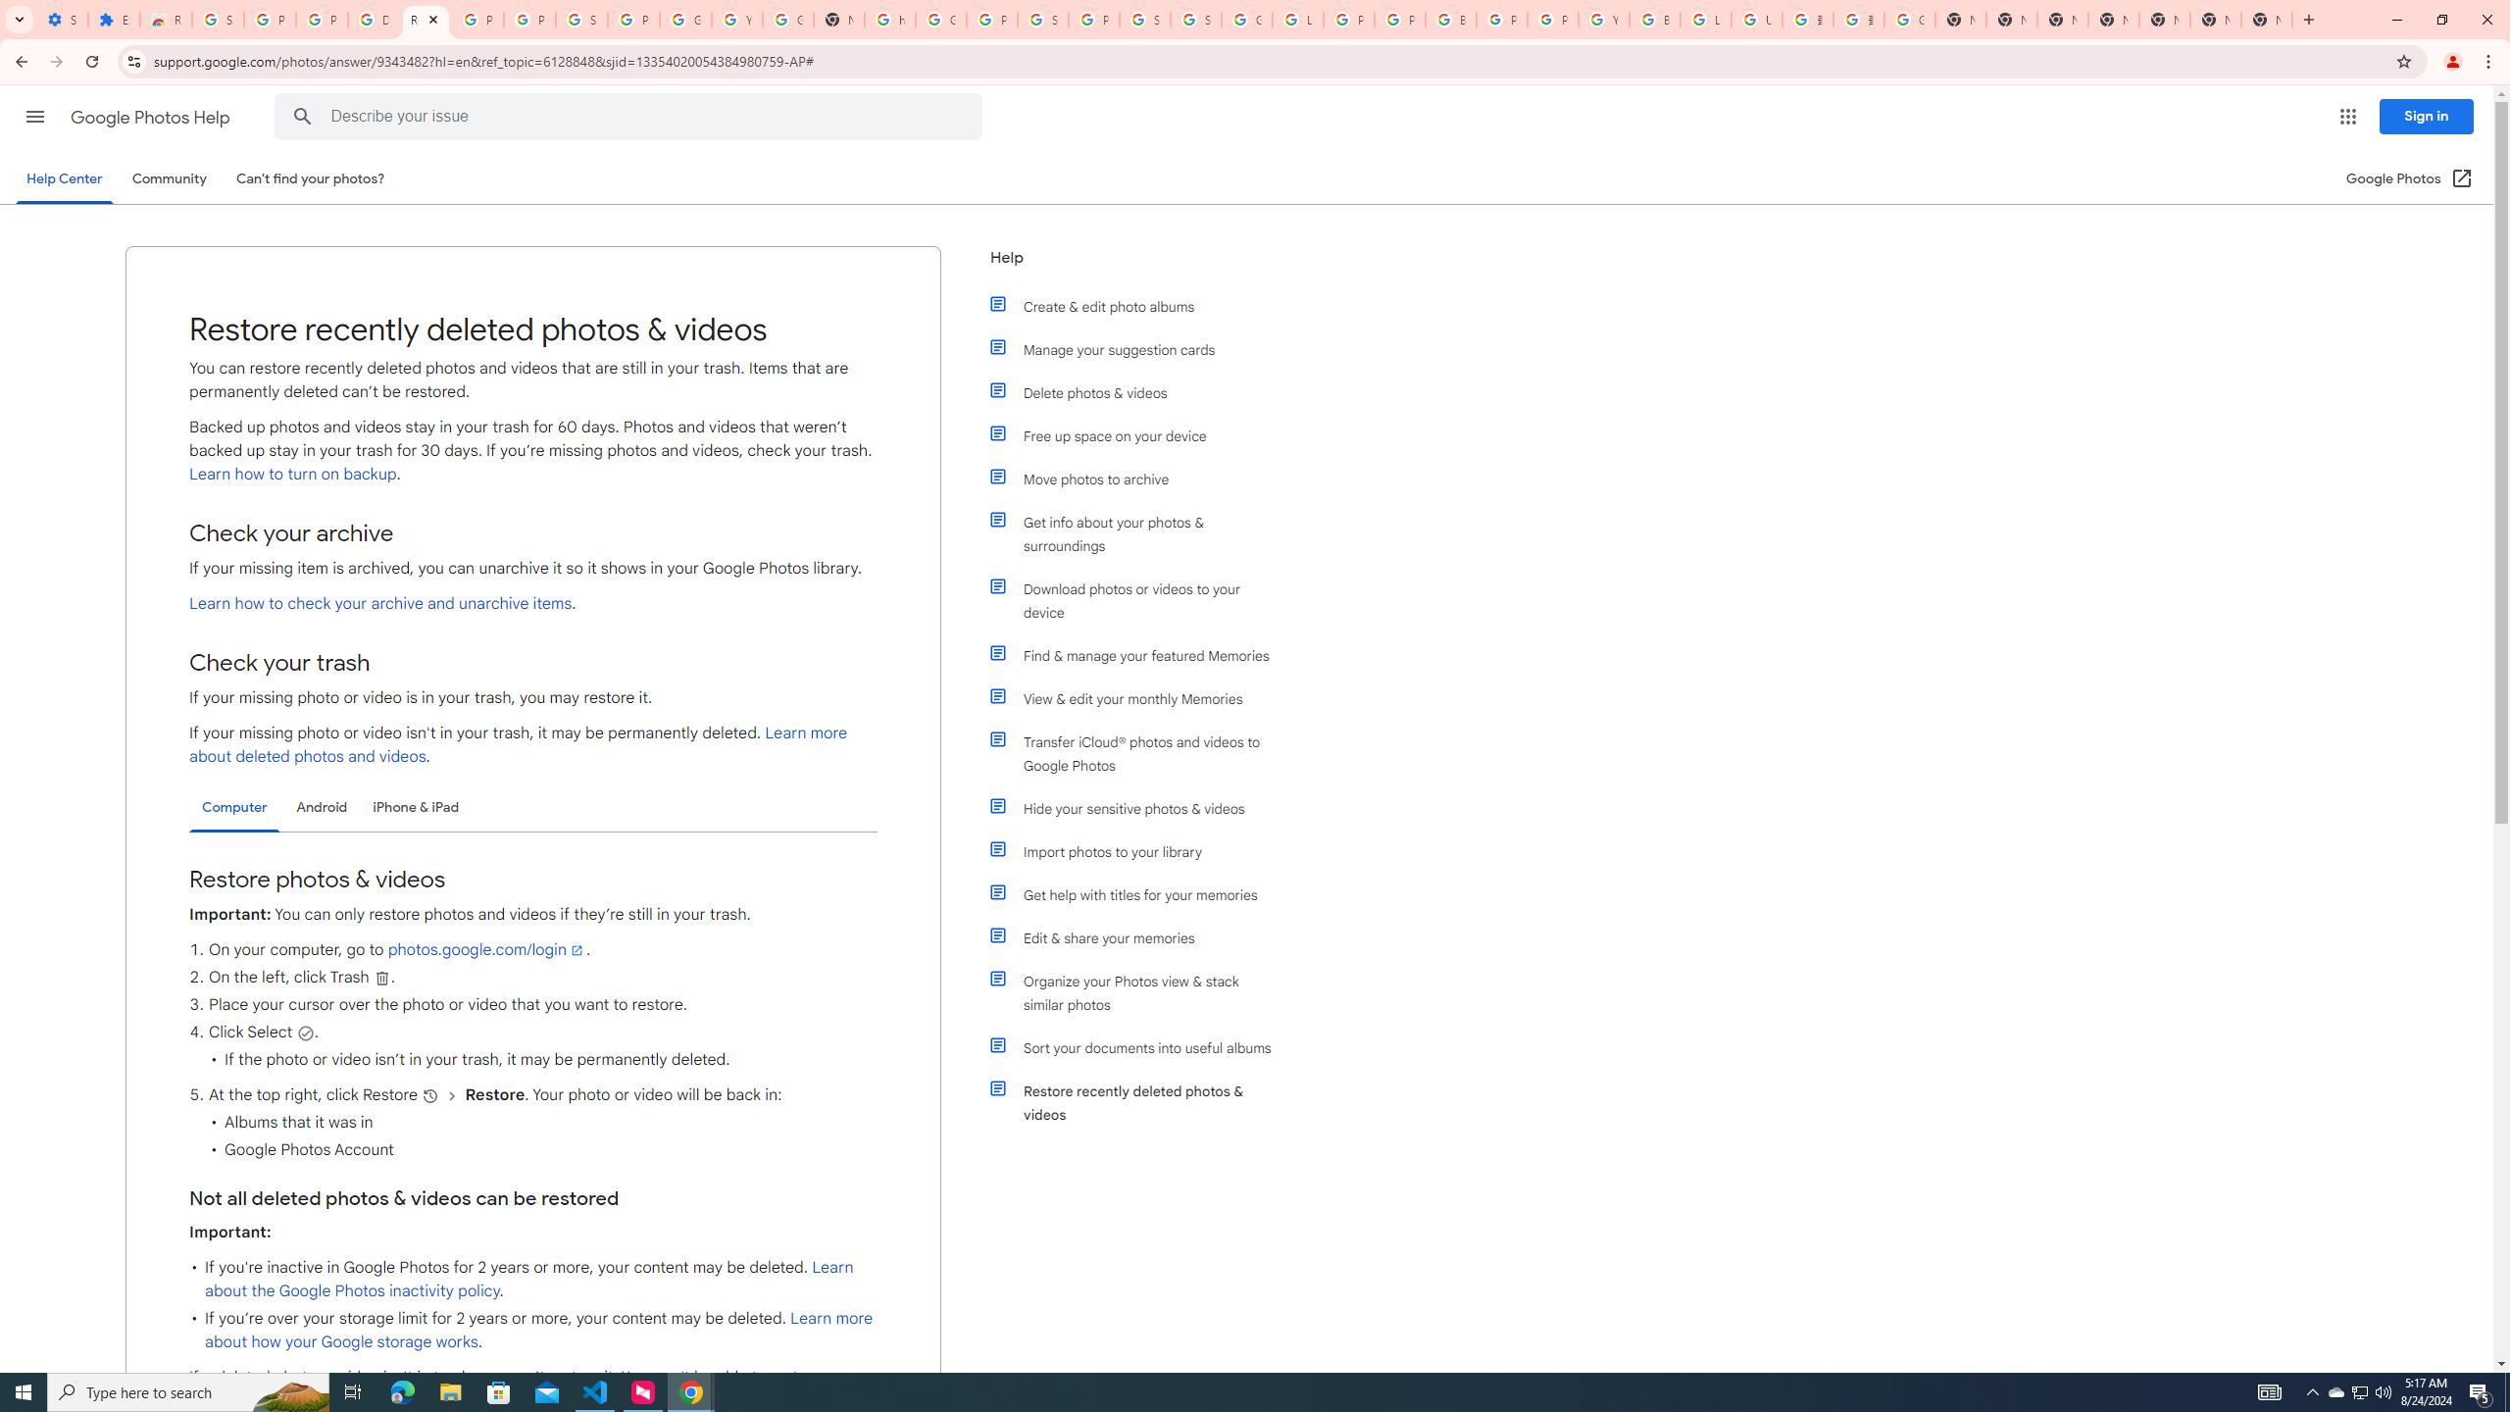 The image size is (2510, 1412). I want to click on 'Edit & share your memories', so click(1139, 936).